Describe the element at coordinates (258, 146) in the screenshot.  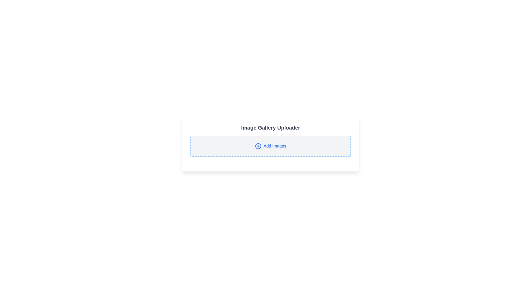
I see `the icon located in the center-left portion of the upload button with dashed blue borders and light gray background, next to the 'Add Images' text` at that location.